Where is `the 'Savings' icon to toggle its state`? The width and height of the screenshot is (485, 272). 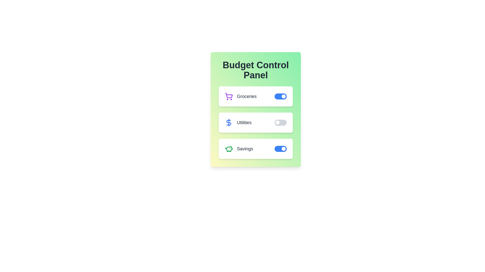
the 'Savings' icon to toggle its state is located at coordinates (229, 148).